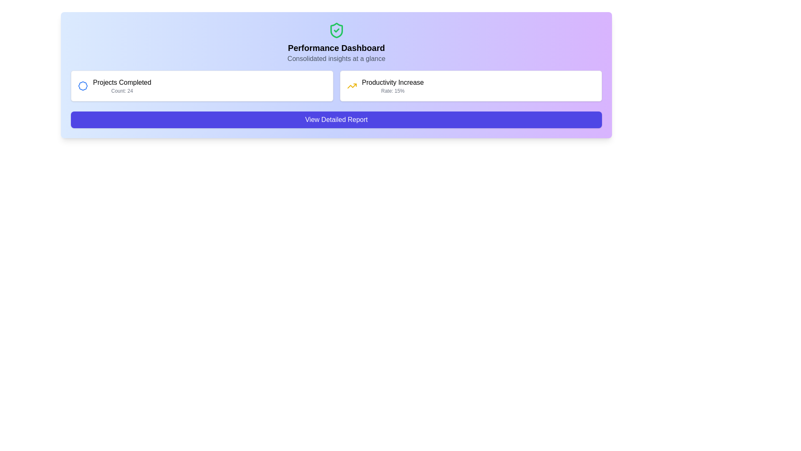 The image size is (801, 451). Describe the element at coordinates (336, 48) in the screenshot. I see `the text heading 'Performance Dashboard' which is styled in bold and larger than surrounding text, located near the top of the interface` at that location.